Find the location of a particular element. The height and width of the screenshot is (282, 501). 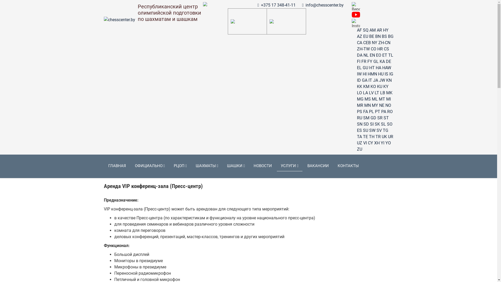

'BN' is located at coordinates (378, 36).